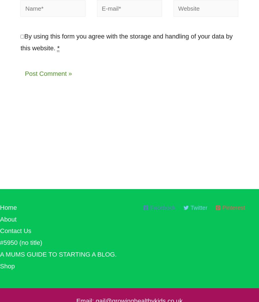 The height and width of the screenshot is (302, 259). What do you see at coordinates (126, 44) in the screenshot?
I see `'By using this form you agree with the storage and handling of your data by this website.'` at bounding box center [126, 44].